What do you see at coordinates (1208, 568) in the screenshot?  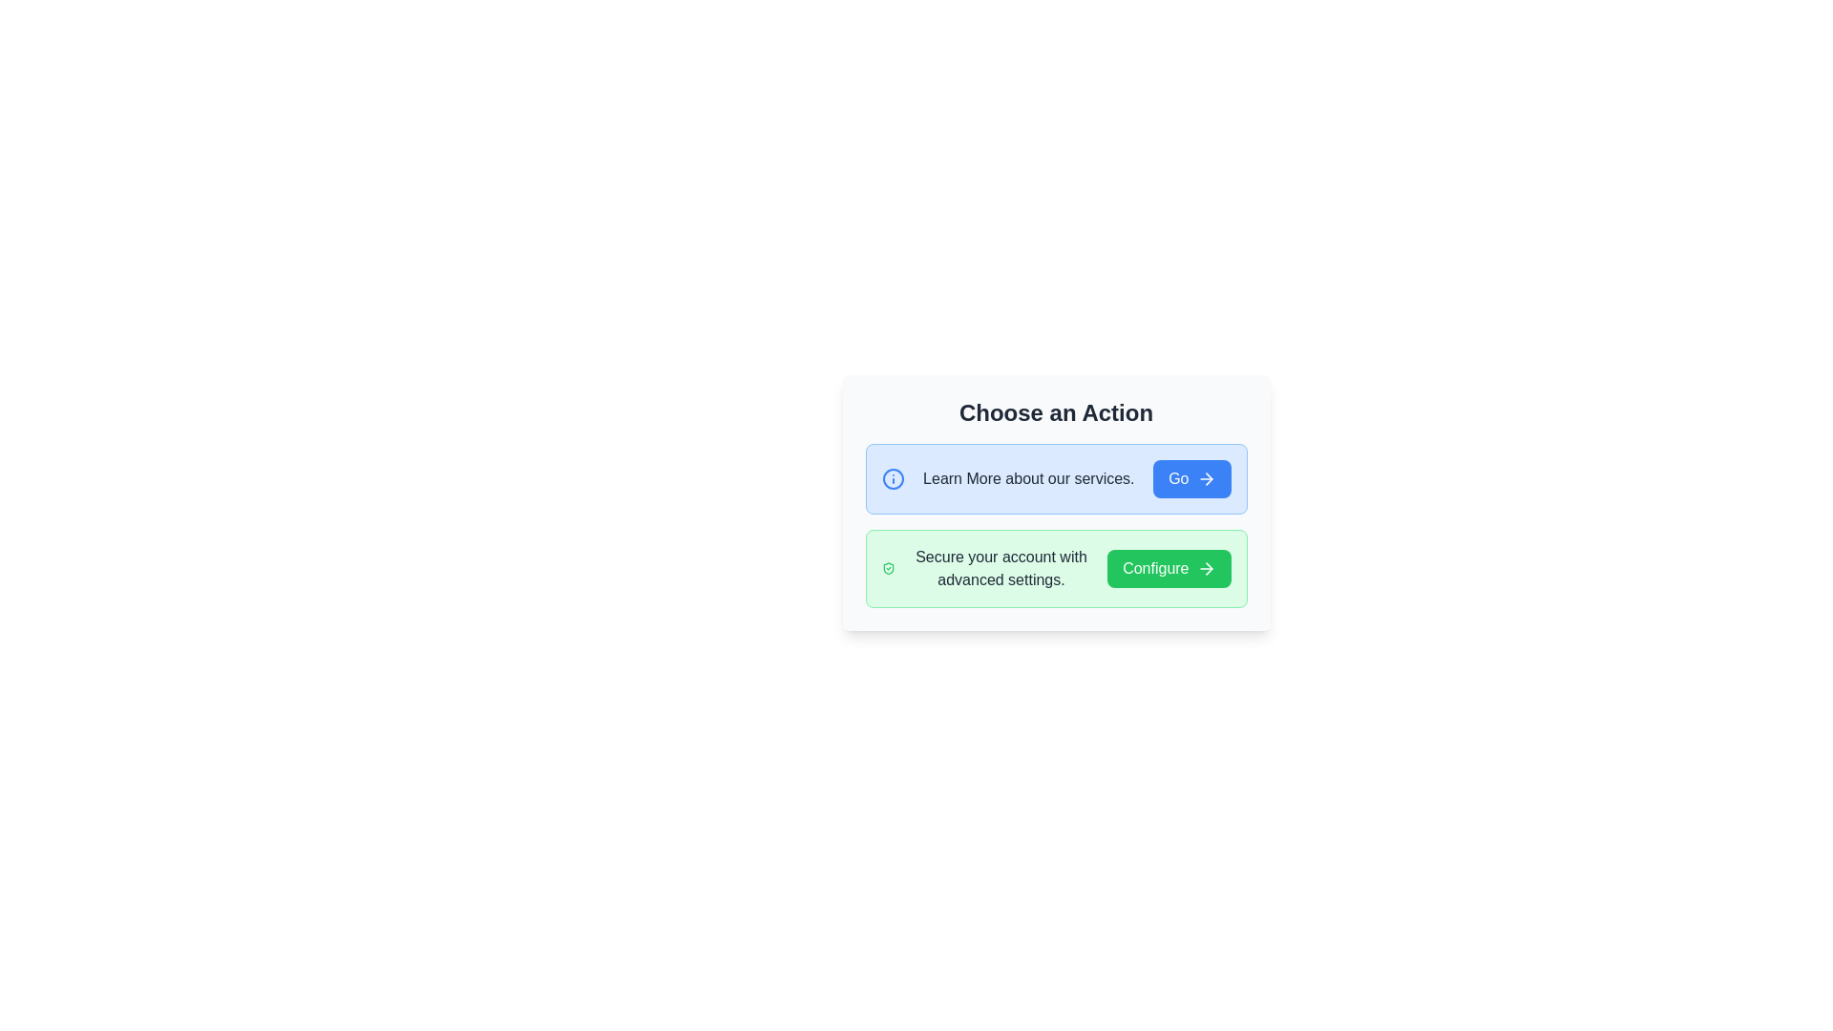 I see `the rightward-facing arrow icon within the 'Configure' button located in the lower green section of the card` at bounding box center [1208, 568].